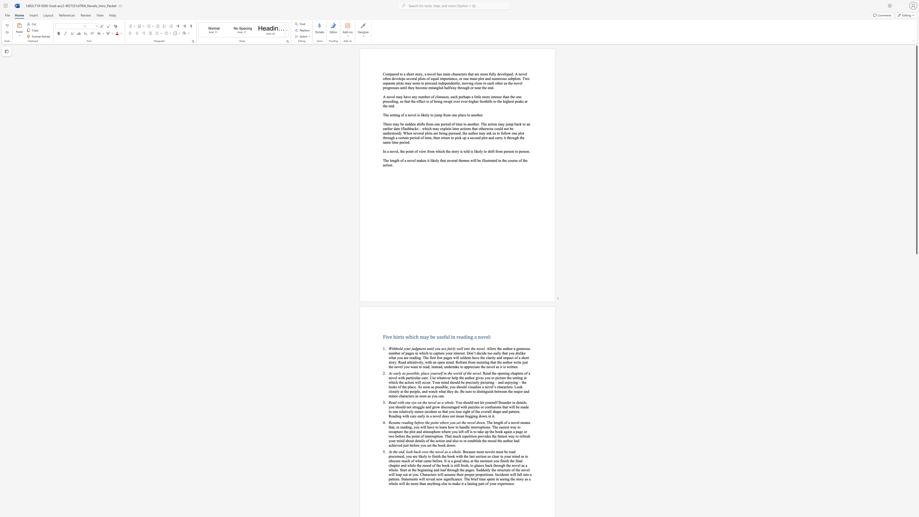 The image size is (919, 517). I want to click on the subset text "dependently, moving close to each other as the novel progresses until they become entangled hal" within the text "Compared to a short story, a novel has main characters that are more fully developed. A novel often develops several plots of equal importance, or one main plot and numerous subplots. Two separate plots may seem to proceed independently, moving close to each other as the novel progresses until they become entangled halfway through or near the end.", so click(441, 82).